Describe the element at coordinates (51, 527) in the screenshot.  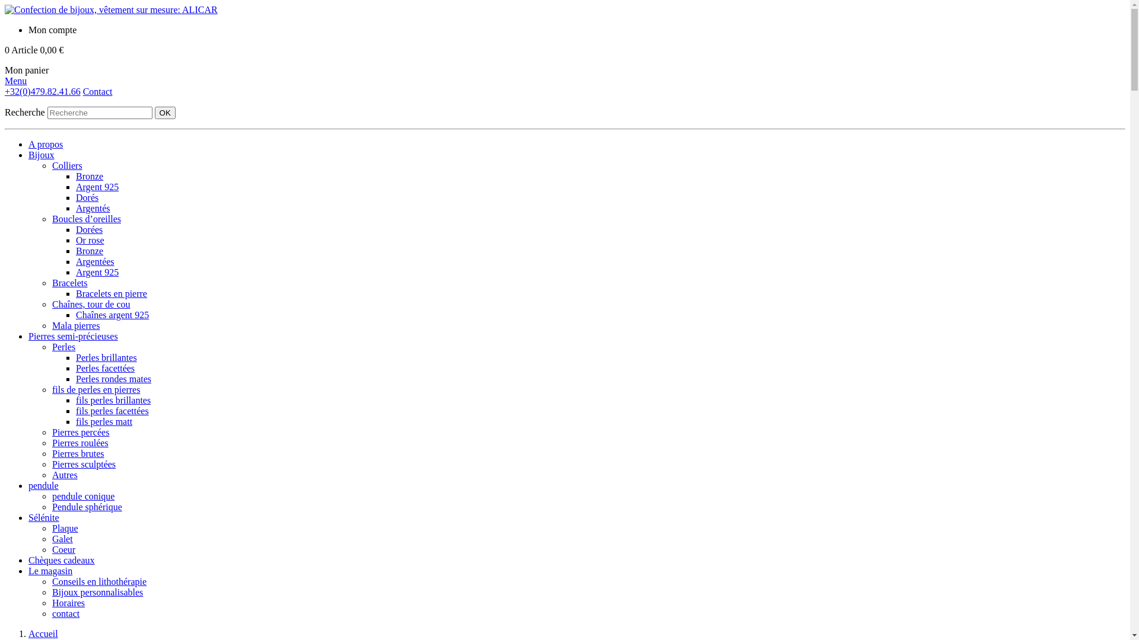
I see `'Plaque'` at that location.